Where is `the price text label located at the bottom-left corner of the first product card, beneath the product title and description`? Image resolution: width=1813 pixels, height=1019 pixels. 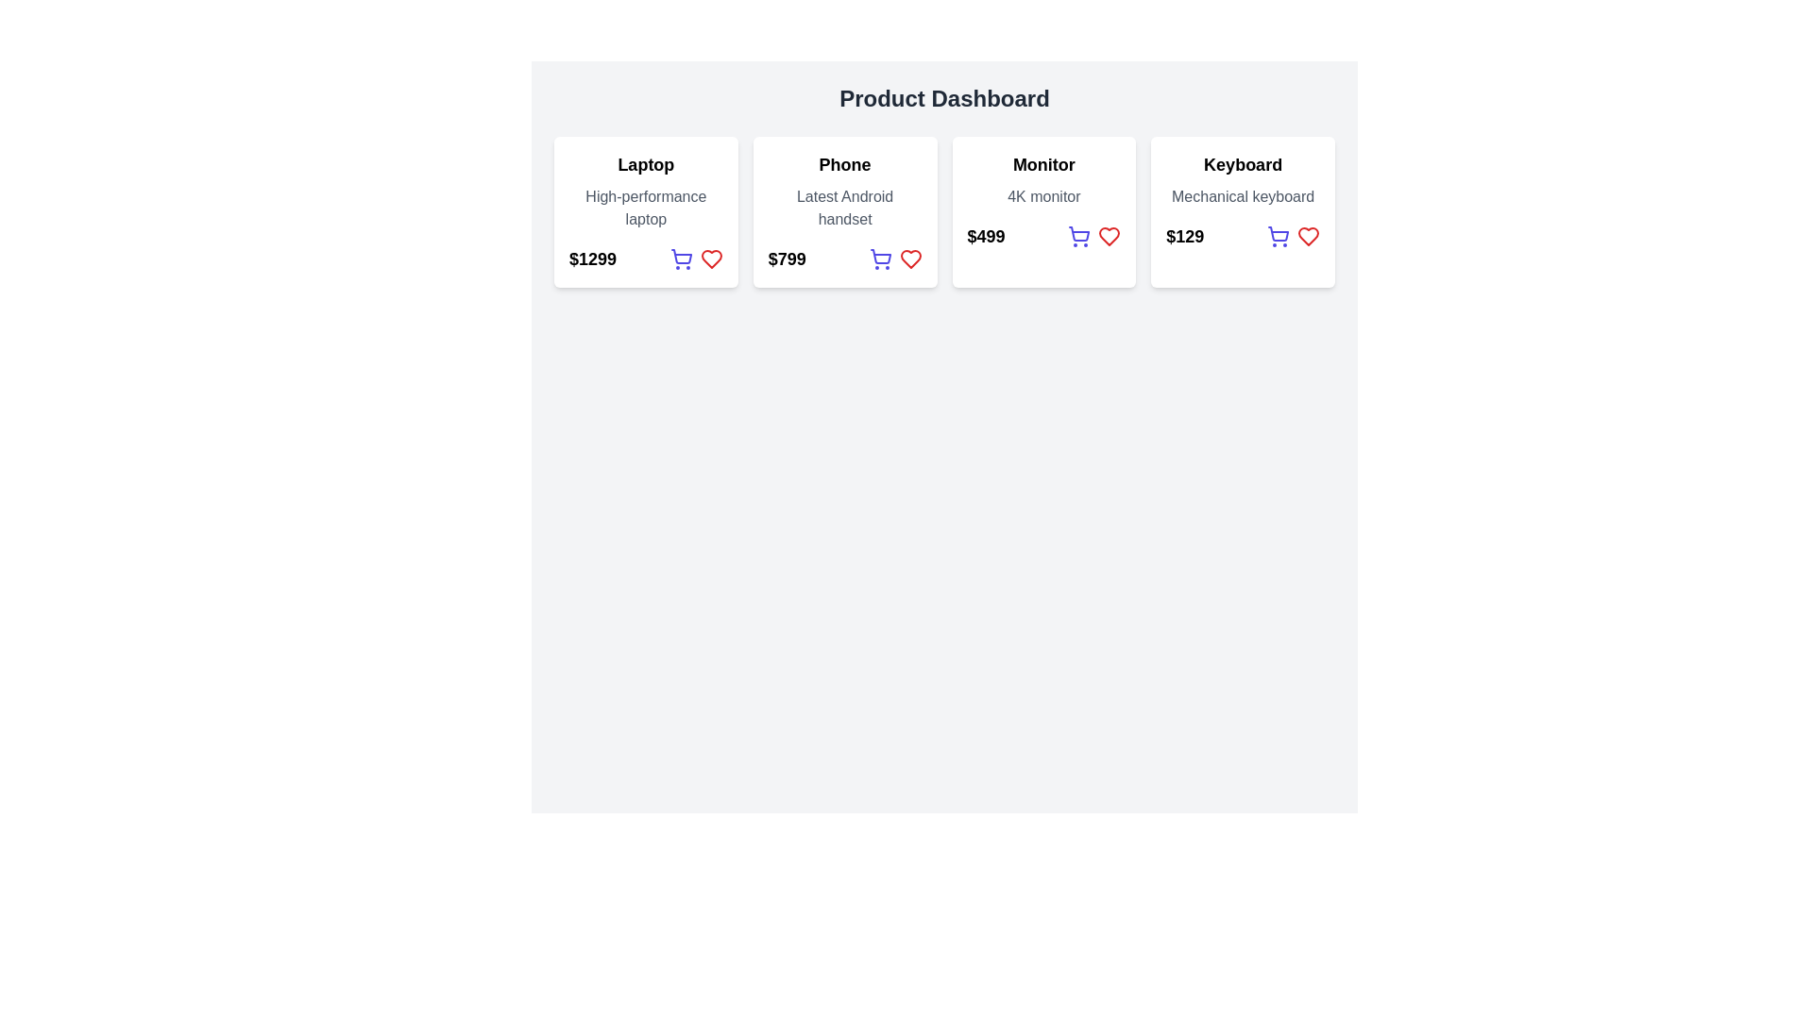 the price text label located at the bottom-left corner of the first product card, beneath the product title and description is located at coordinates (592, 259).